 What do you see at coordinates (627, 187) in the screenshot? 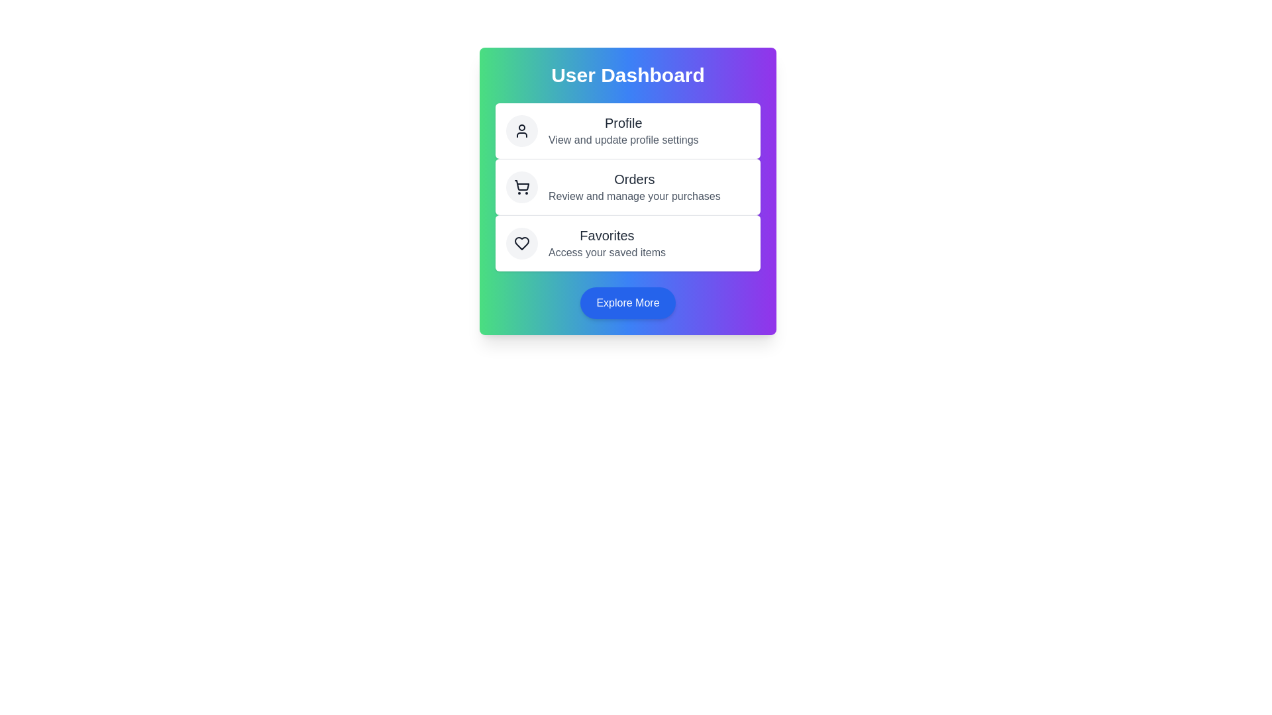
I see `the 'Orders' action to review and manage purchases` at bounding box center [627, 187].